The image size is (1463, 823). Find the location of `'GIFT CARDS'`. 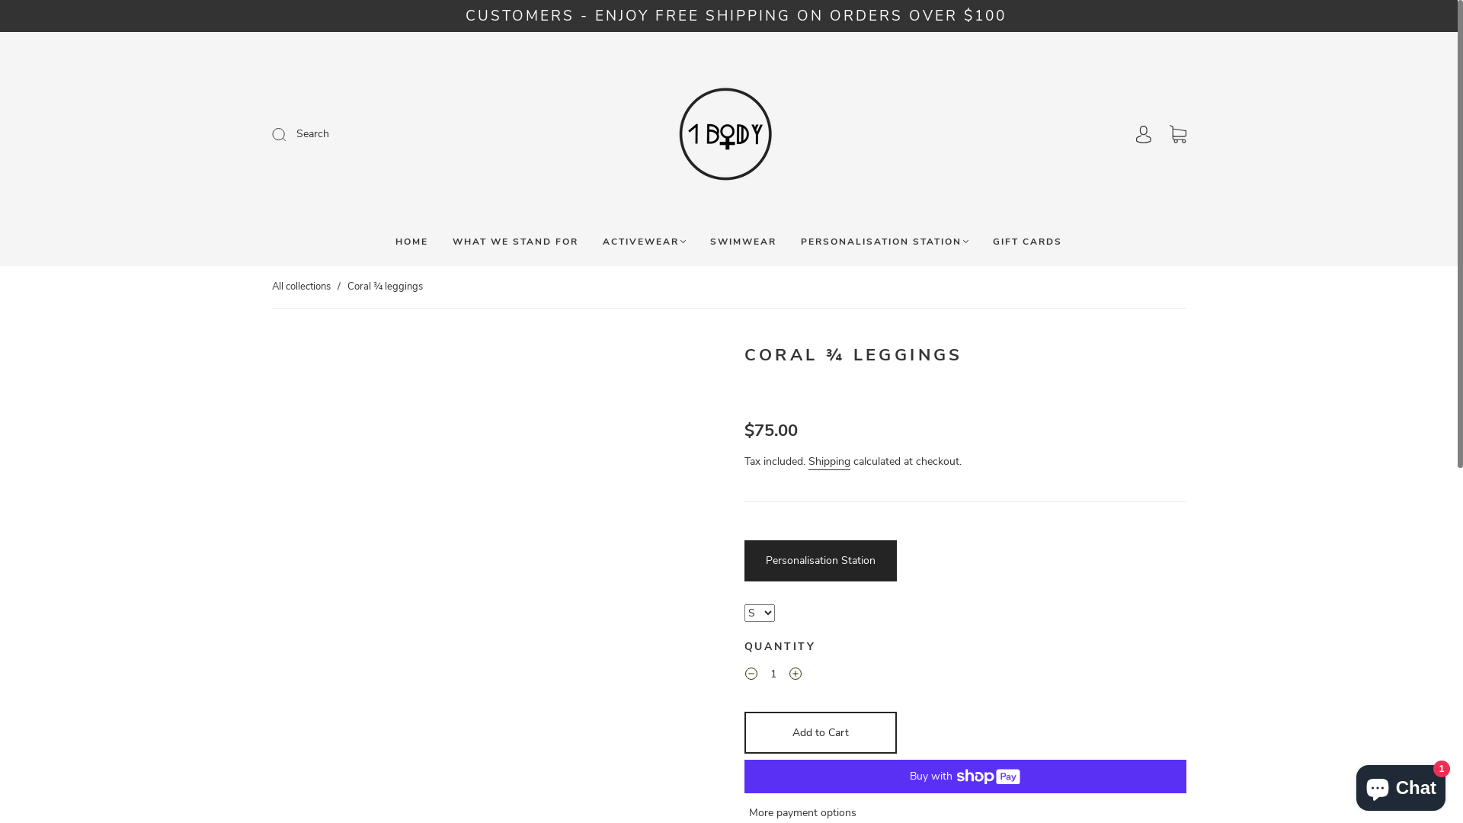

'GIFT CARDS' is located at coordinates (992, 241).